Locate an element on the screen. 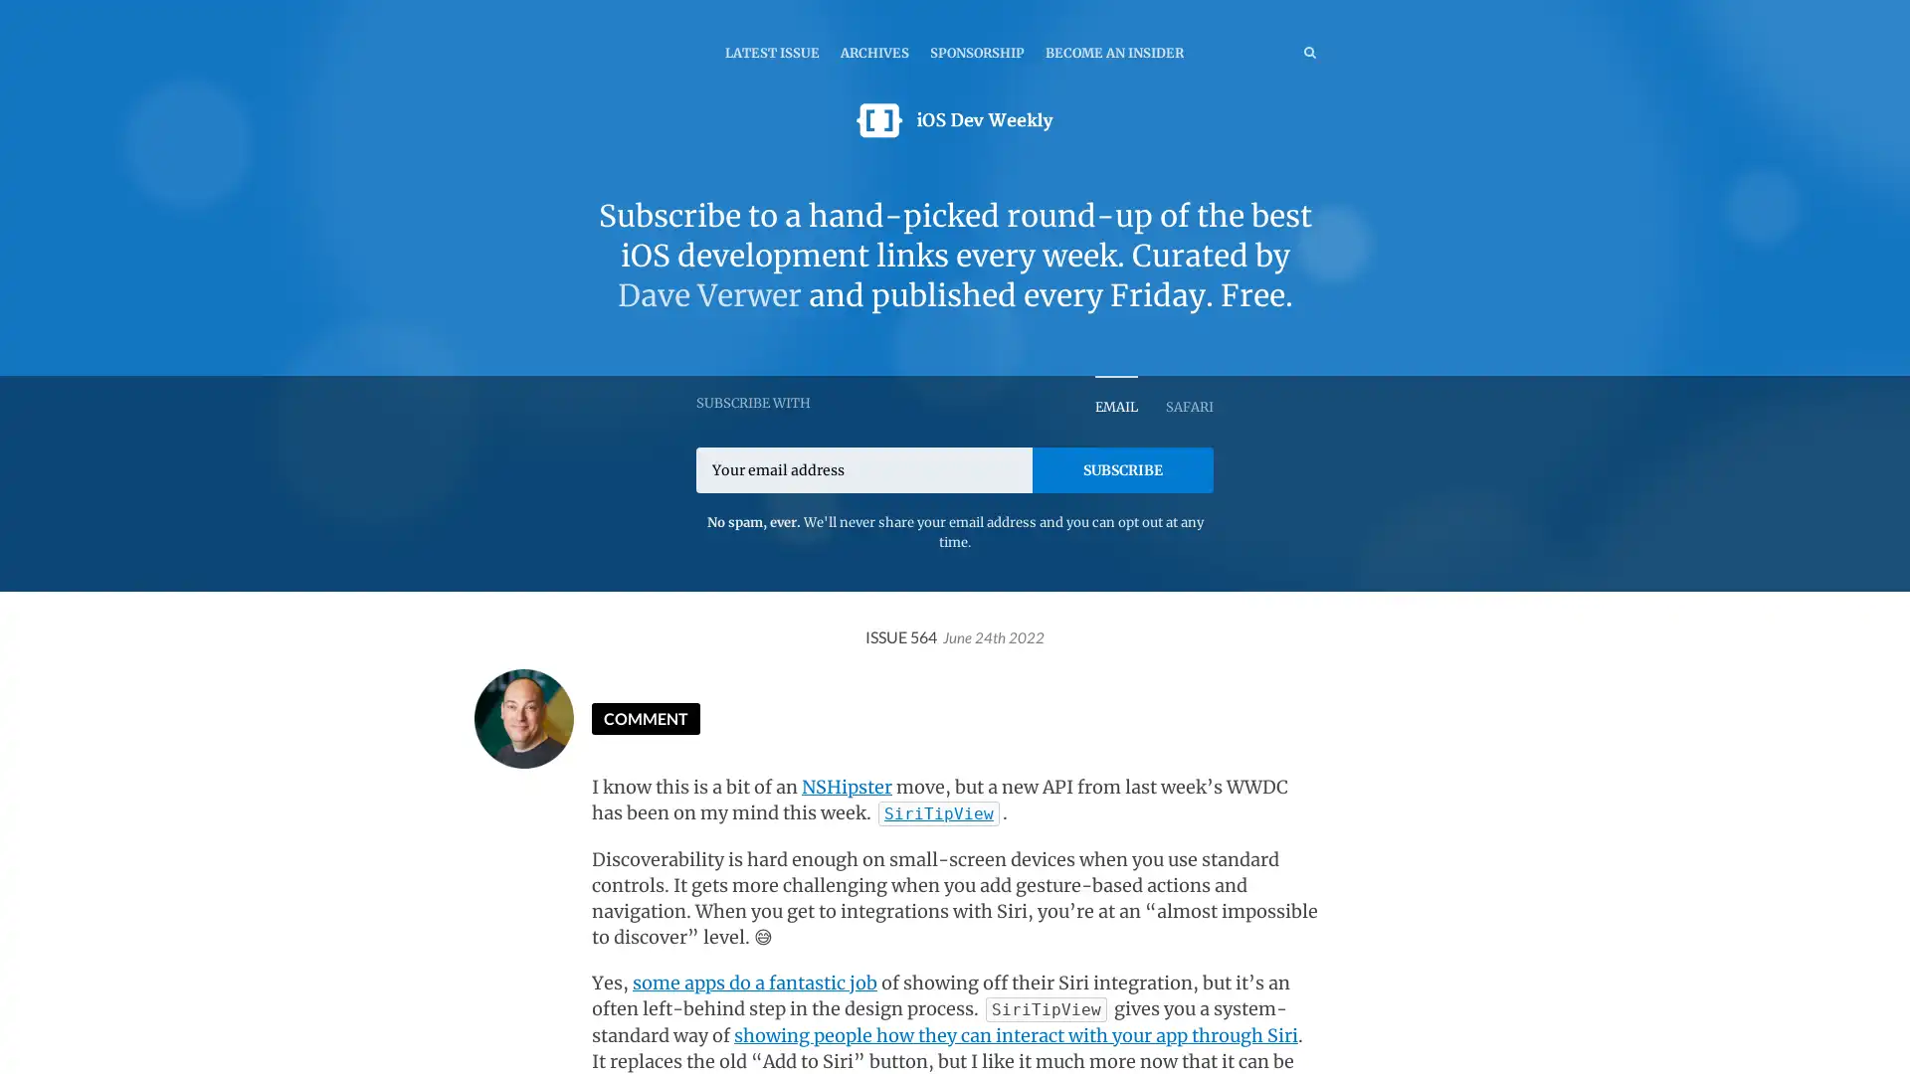 The width and height of the screenshot is (1910, 1074). EMAIL is located at coordinates (1116, 400).